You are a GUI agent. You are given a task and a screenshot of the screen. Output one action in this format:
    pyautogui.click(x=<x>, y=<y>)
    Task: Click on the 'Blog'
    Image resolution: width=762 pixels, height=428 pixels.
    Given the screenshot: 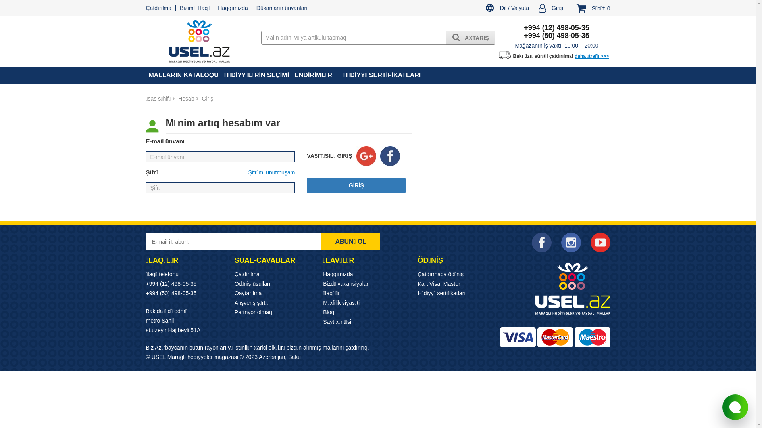 What is the action you would take?
    pyautogui.click(x=329, y=311)
    